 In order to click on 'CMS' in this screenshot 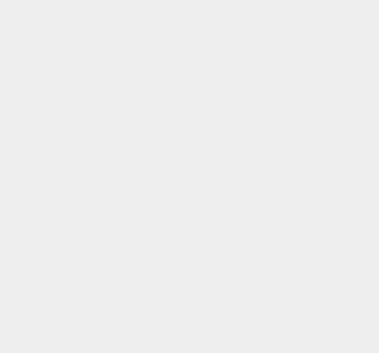, I will do `click(272, 219)`.